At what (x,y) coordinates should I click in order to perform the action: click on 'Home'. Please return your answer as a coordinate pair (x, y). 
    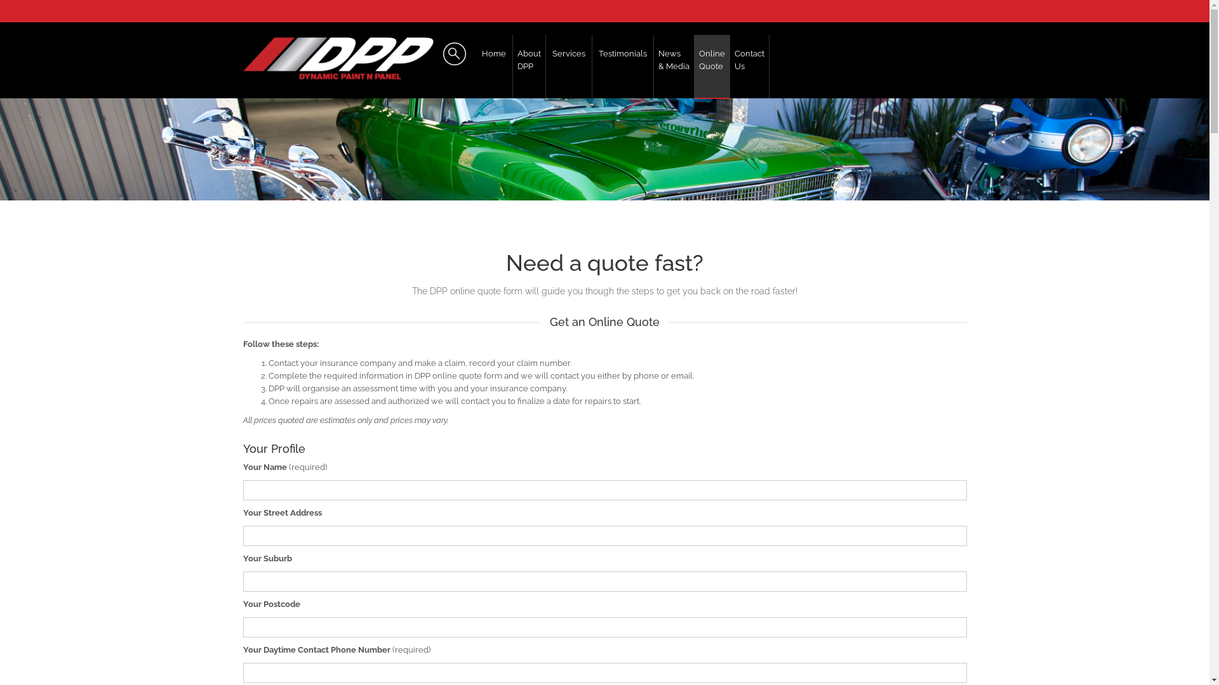
    Looking at the image, I should click on (493, 66).